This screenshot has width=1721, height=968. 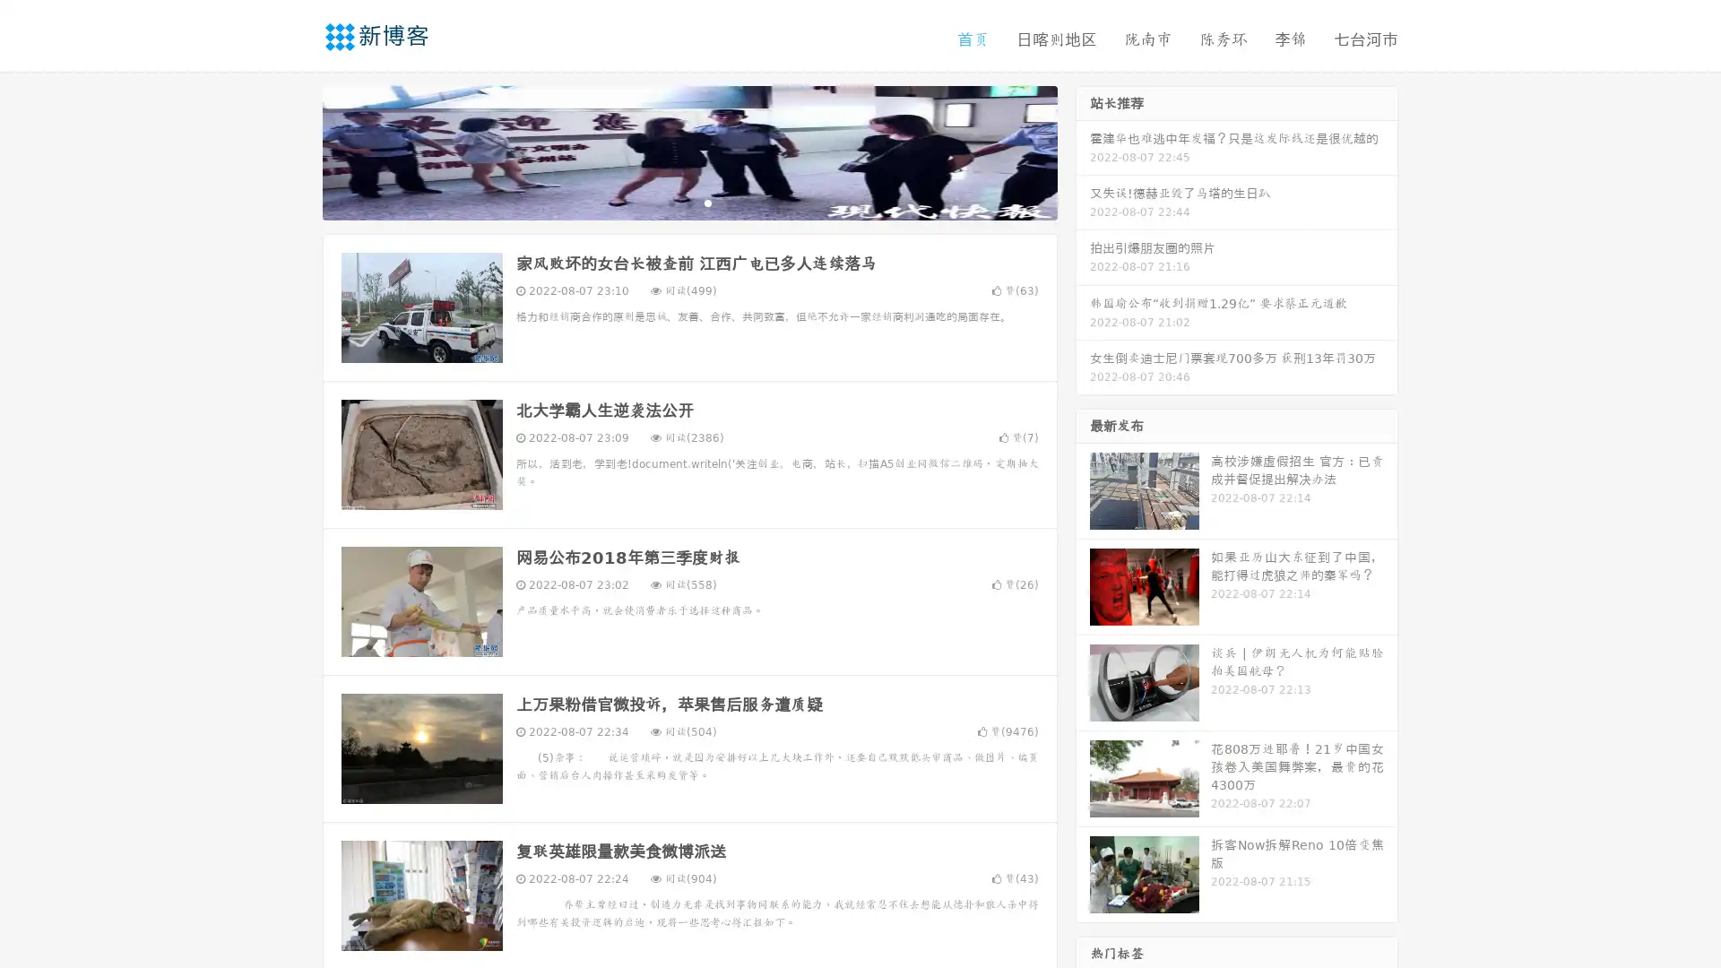 I want to click on Next slide, so click(x=1083, y=151).